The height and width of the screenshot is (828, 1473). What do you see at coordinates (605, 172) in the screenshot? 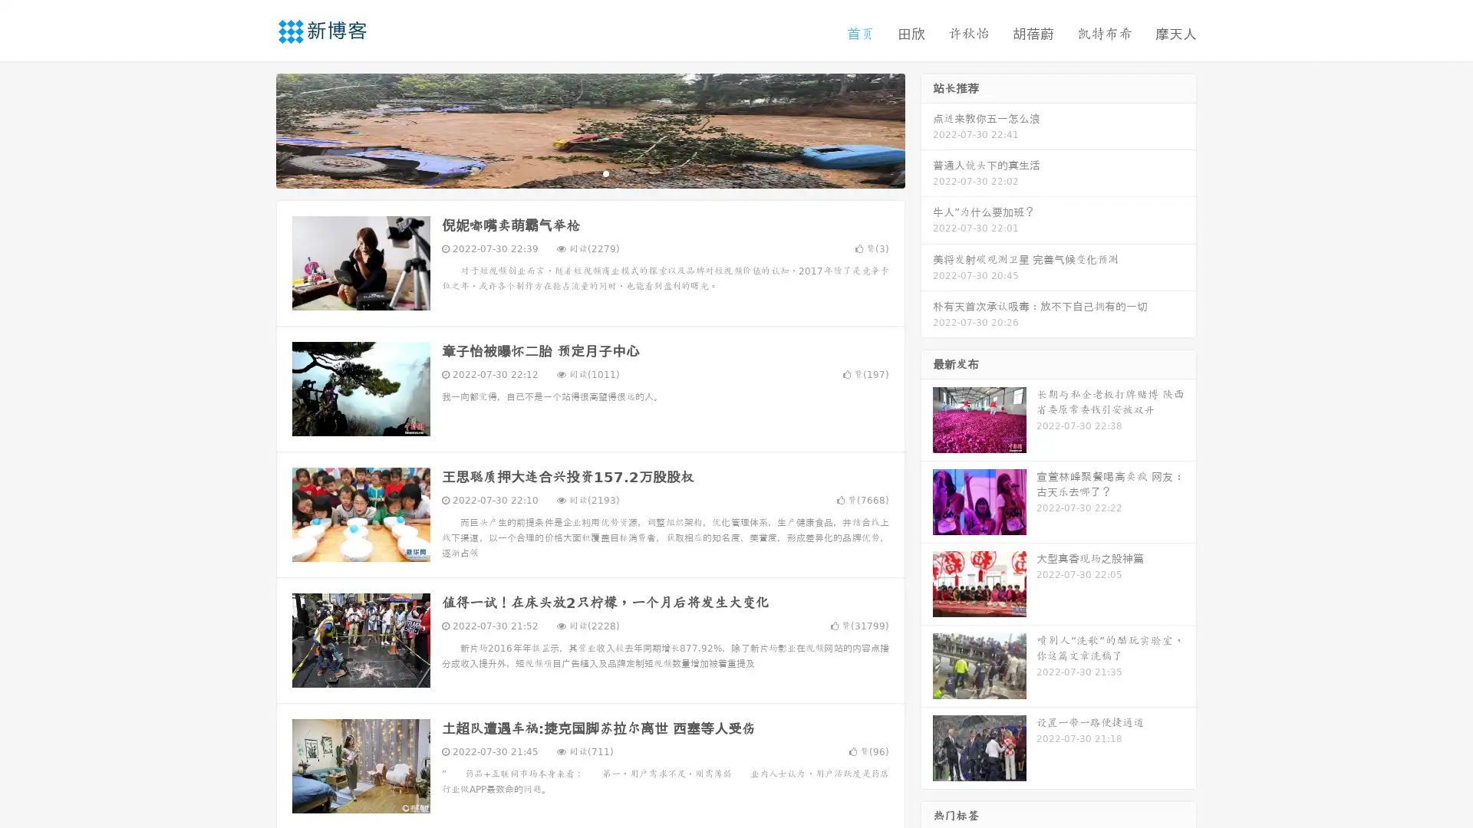
I see `Go to slide 3` at bounding box center [605, 172].